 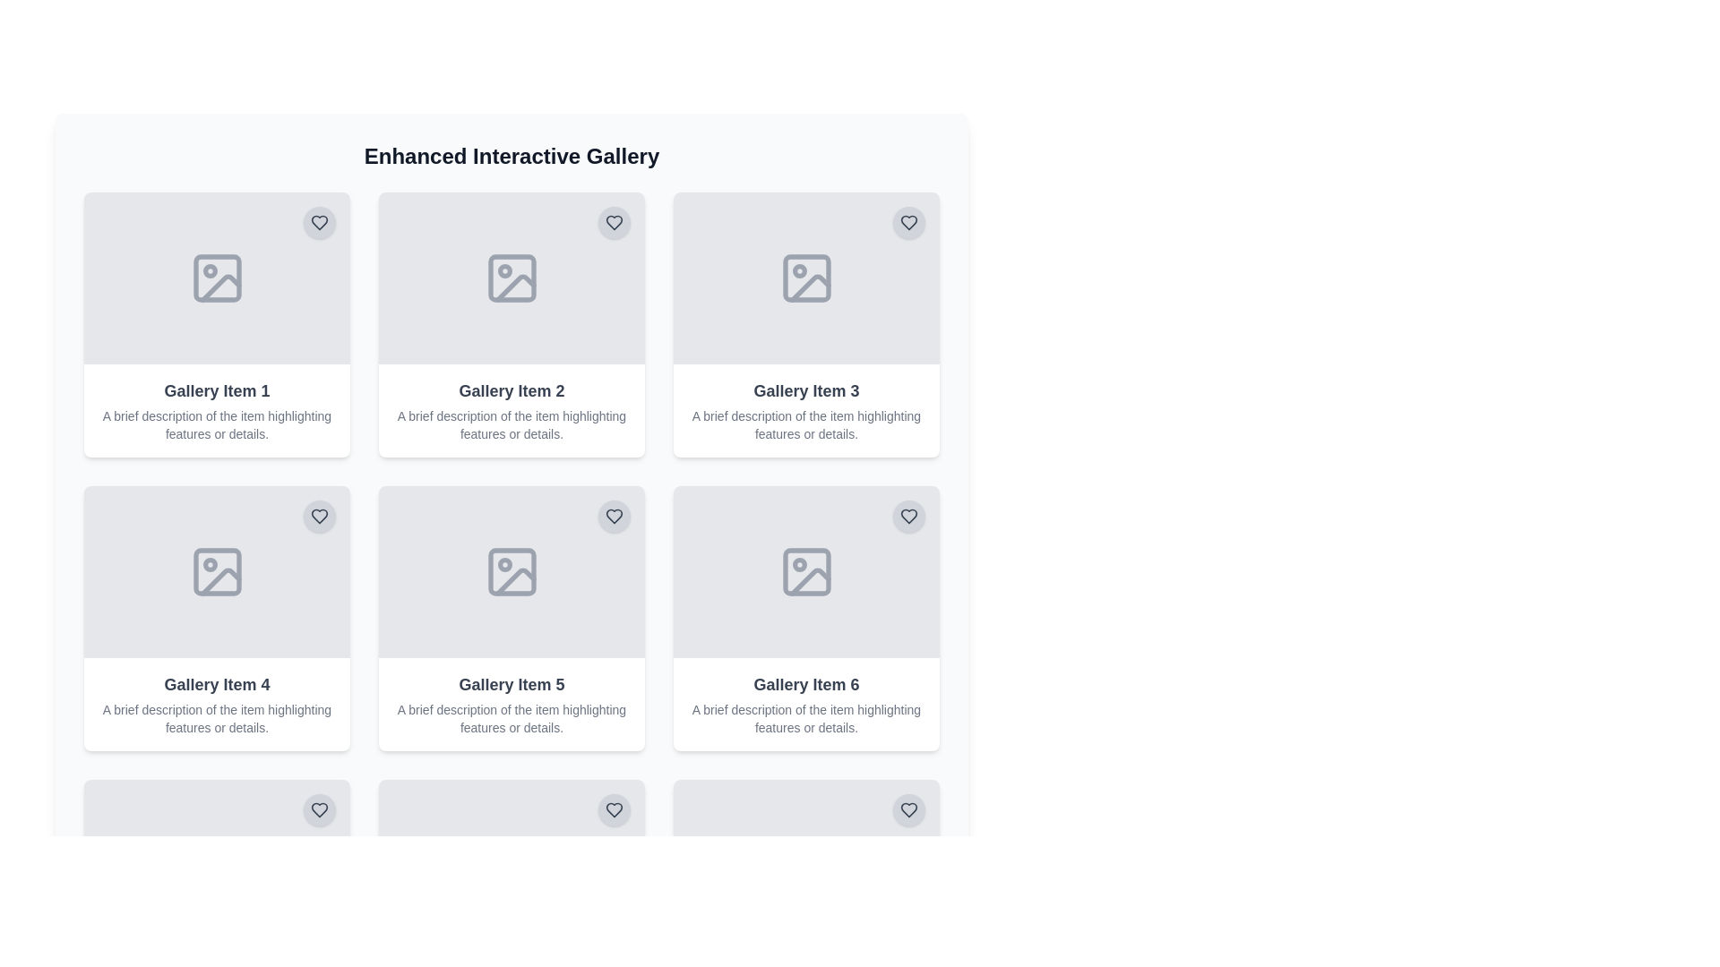 What do you see at coordinates (615, 517) in the screenshot?
I see `the heart-shaped outline icon in the top-right corner of 'Gallery Item 5' to observe visual feedback` at bounding box center [615, 517].